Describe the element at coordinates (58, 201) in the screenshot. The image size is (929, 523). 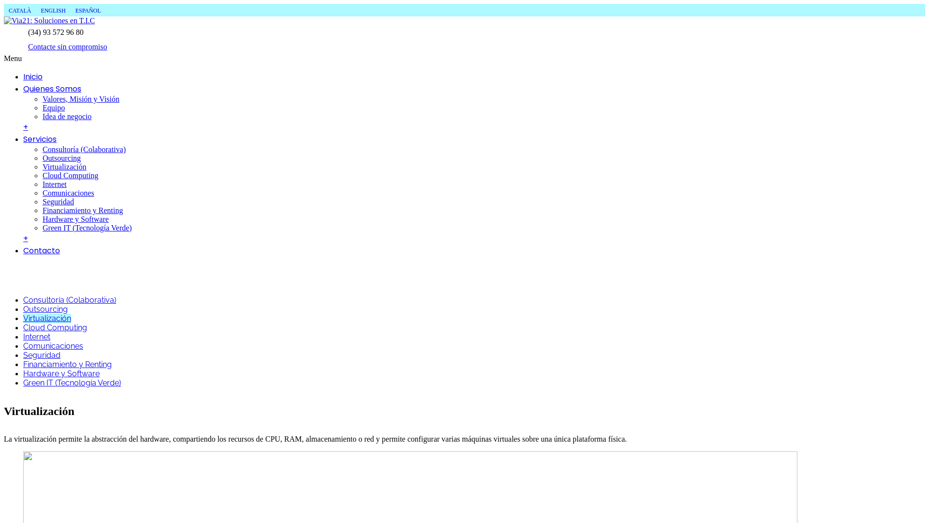
I see `'Seguridad'` at that location.